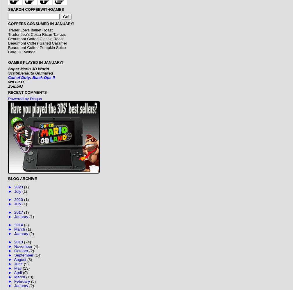  What do you see at coordinates (19, 199) in the screenshot?
I see `'2020'` at bounding box center [19, 199].